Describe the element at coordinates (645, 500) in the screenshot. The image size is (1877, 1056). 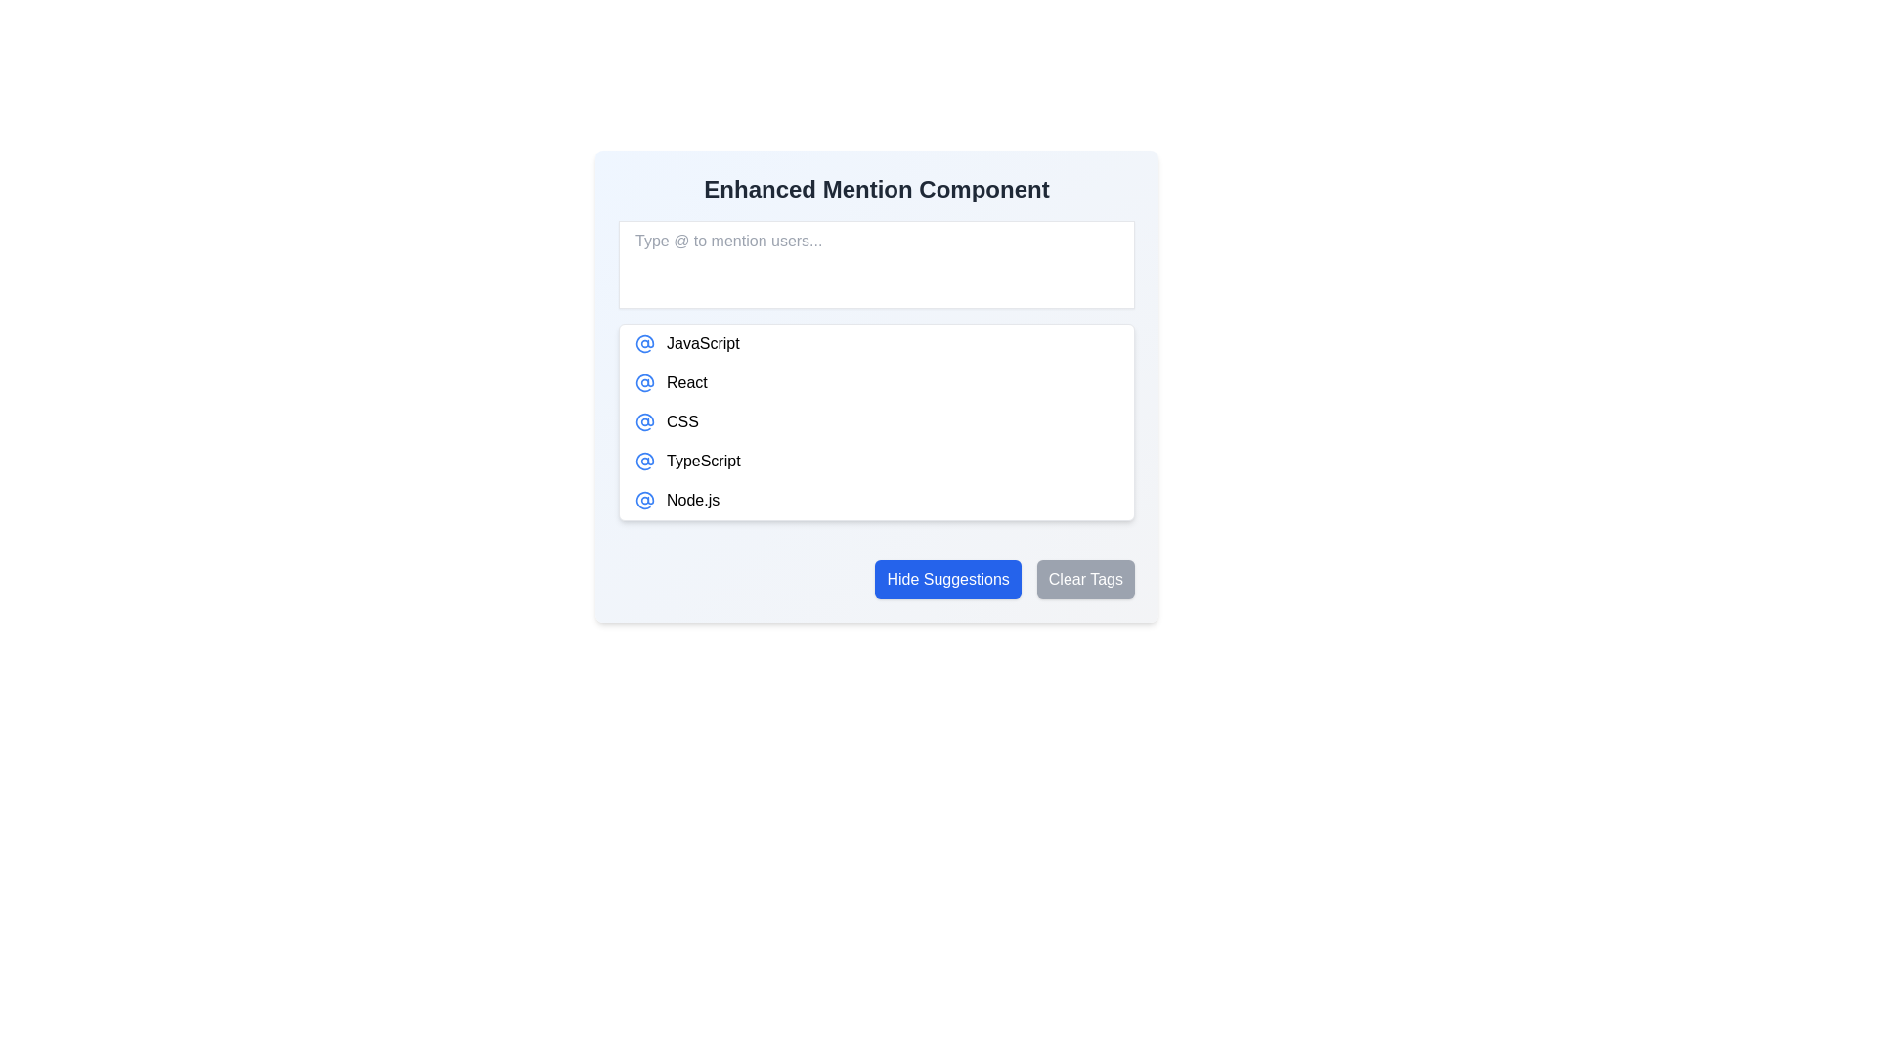
I see `the decorative '@' icon located to the left of the text 'Node.js' in the last entry of the vertically stacked list in the white drop-down panel below the input field labeled 'Type @ to mention users...'` at that location.